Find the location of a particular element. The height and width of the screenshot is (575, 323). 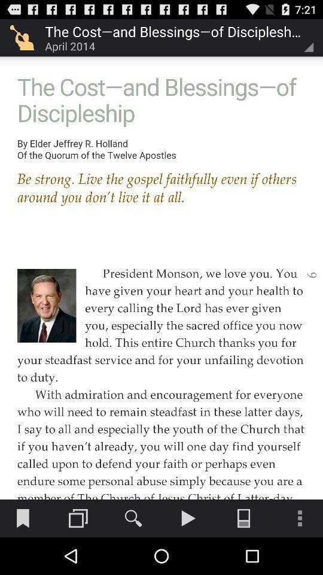

full display is located at coordinates (161, 249).